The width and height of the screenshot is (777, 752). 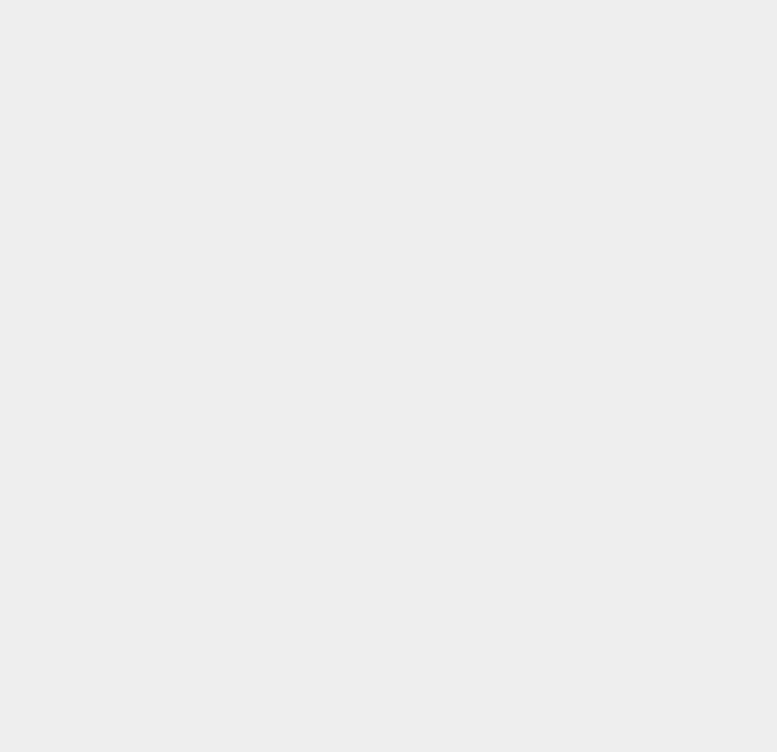 What do you see at coordinates (585, 295) in the screenshot?
I see `'Google Adwords'` at bounding box center [585, 295].